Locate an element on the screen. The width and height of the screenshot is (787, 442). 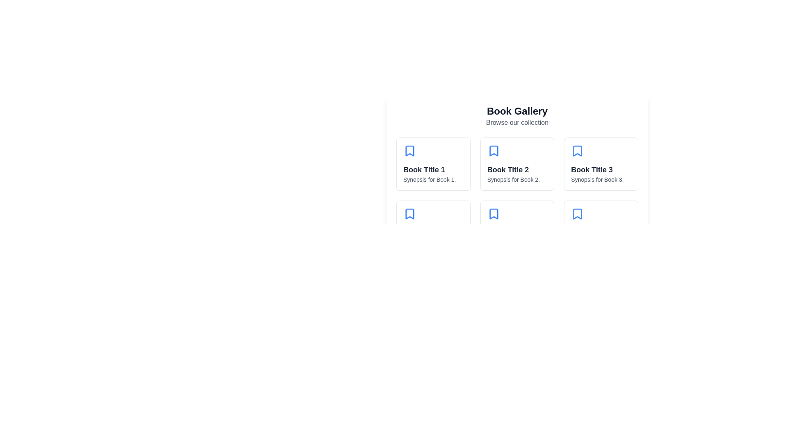
the bookmark icon located in the bottom right corner of the 'Book Title 3' card is located at coordinates (577, 214).